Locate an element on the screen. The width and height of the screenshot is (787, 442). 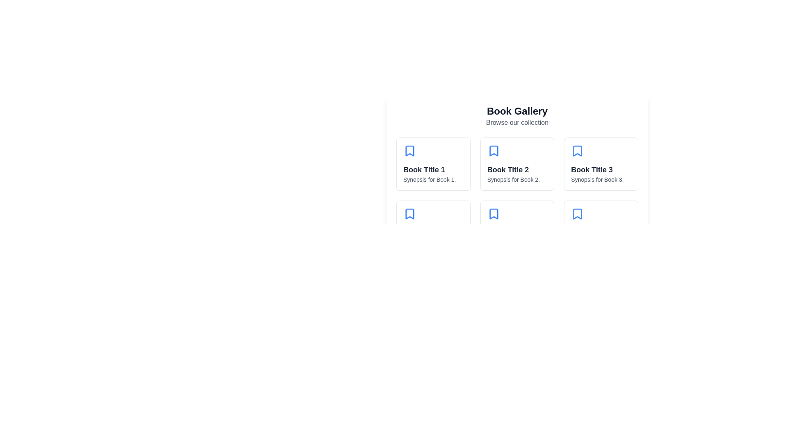
the bookmark icon located in the bottom right corner of the 'Book Title 3' card is located at coordinates (577, 214).